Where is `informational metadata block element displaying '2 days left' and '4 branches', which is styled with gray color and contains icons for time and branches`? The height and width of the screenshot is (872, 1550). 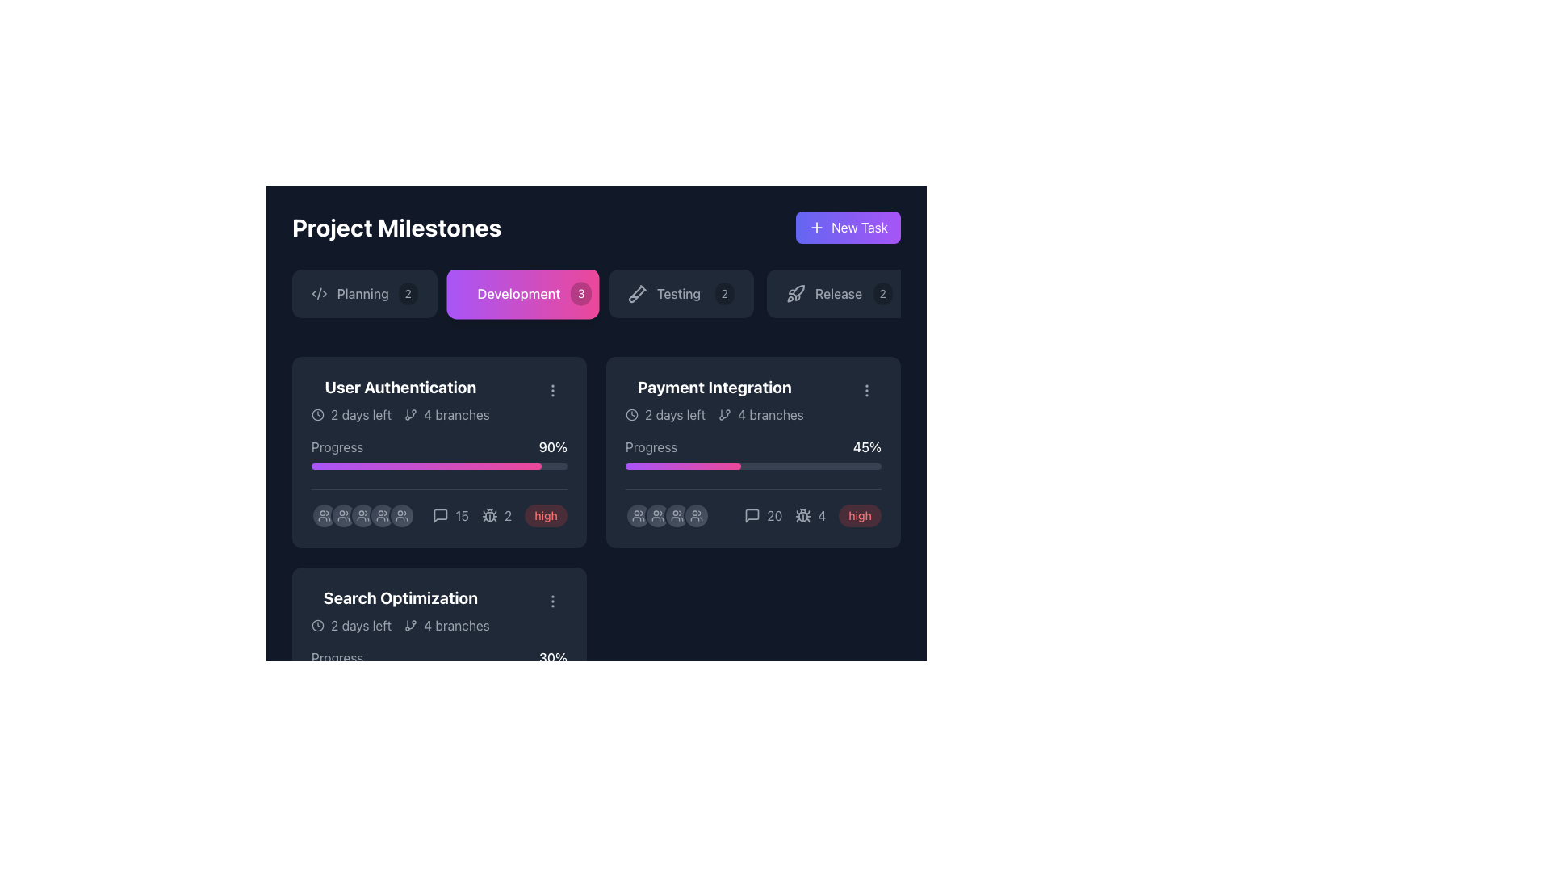
informational metadata block element displaying '2 days left' and '4 branches', which is styled with gray color and contains icons for time and branches is located at coordinates (400, 413).